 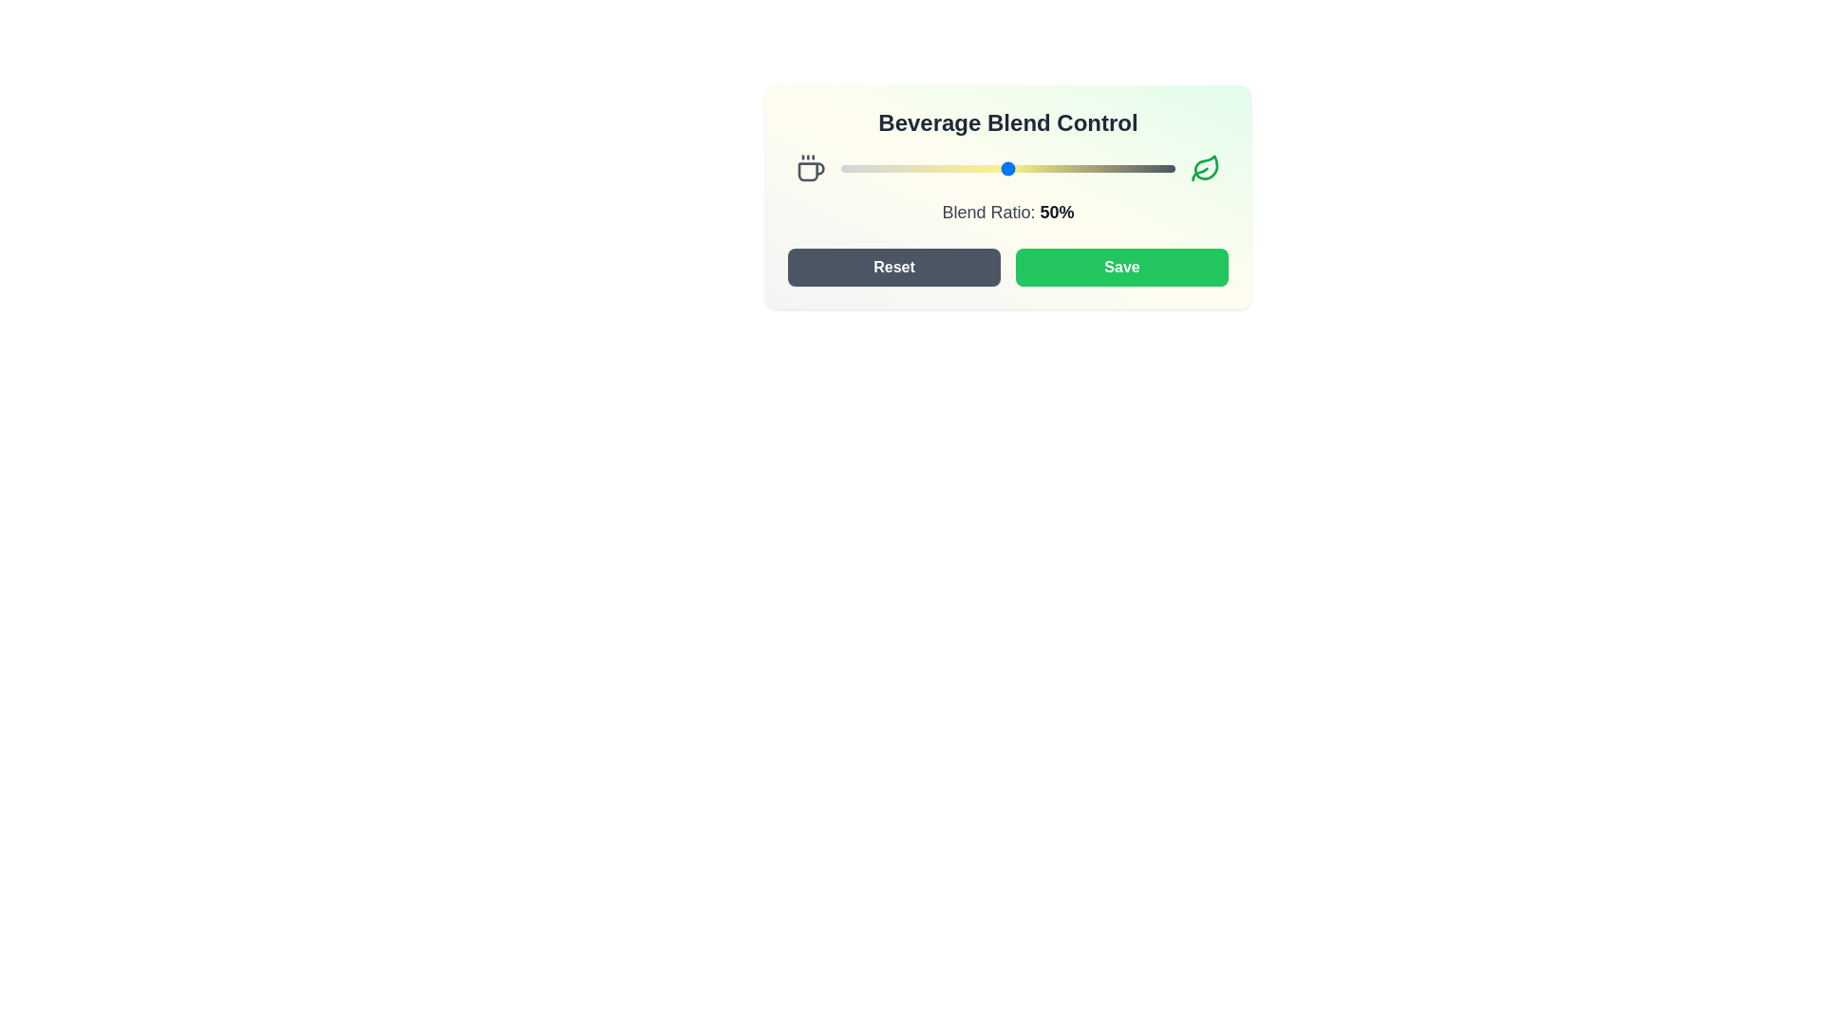 What do you see at coordinates (893, 267) in the screenshot?
I see `'Reset' button to reset the blend ratio to its default value` at bounding box center [893, 267].